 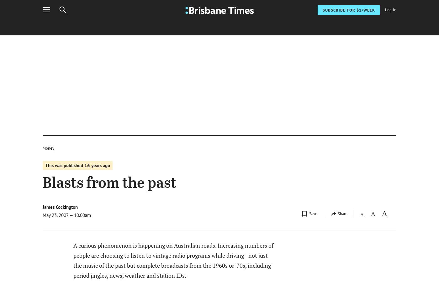 I want to click on 'register', so click(x=318, y=189).